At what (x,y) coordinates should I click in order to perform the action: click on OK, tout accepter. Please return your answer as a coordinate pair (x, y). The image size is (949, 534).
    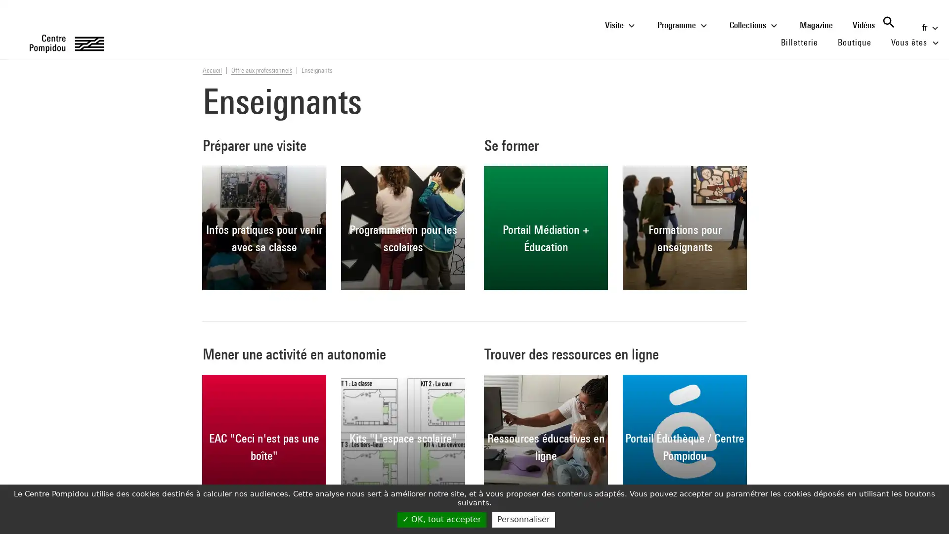
    Looking at the image, I should click on (441, 519).